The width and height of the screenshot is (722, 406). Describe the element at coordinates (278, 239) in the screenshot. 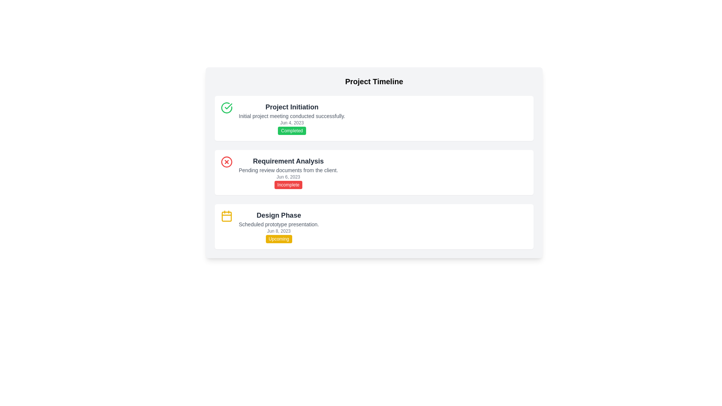

I see `the status indicator badge located below the 'Design Phase' subheading in the timeline section, positioned to the right of the date 'Jun 8, 2023'` at that location.